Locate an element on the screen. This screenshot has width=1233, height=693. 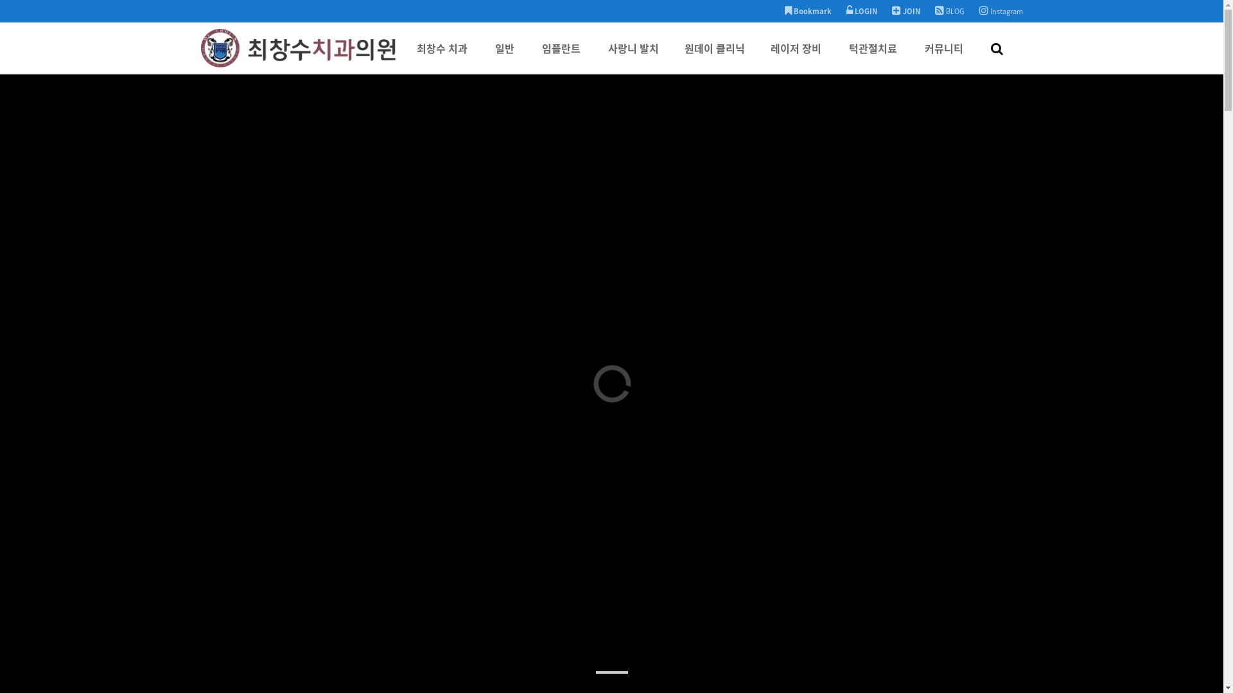
'1' is located at coordinates (611, 672).